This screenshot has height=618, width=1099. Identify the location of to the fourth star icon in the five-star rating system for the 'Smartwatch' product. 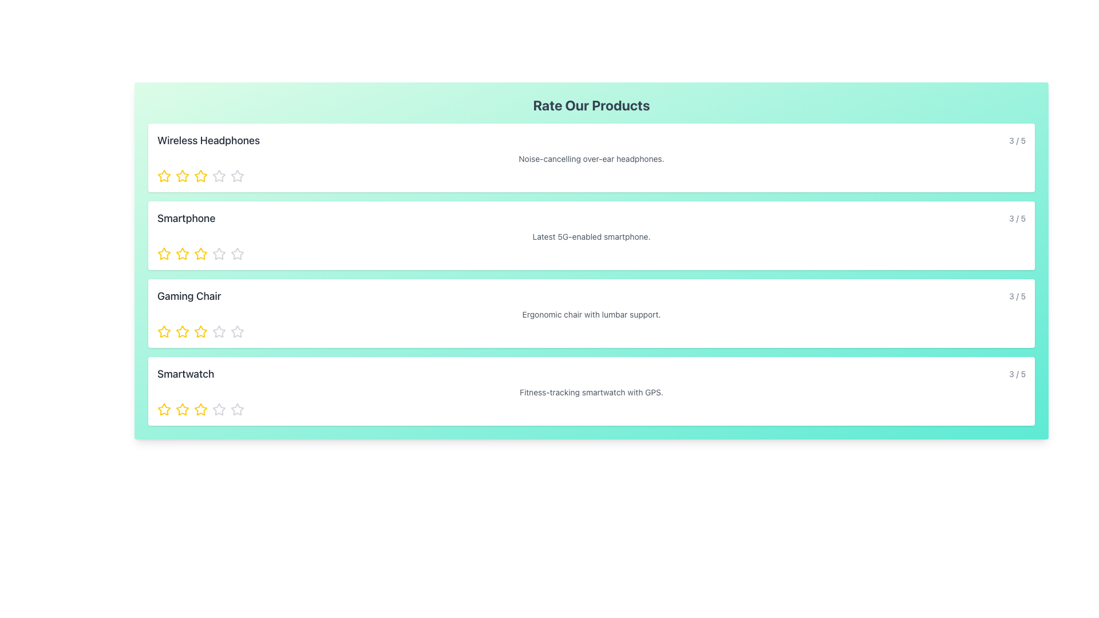
(219, 409).